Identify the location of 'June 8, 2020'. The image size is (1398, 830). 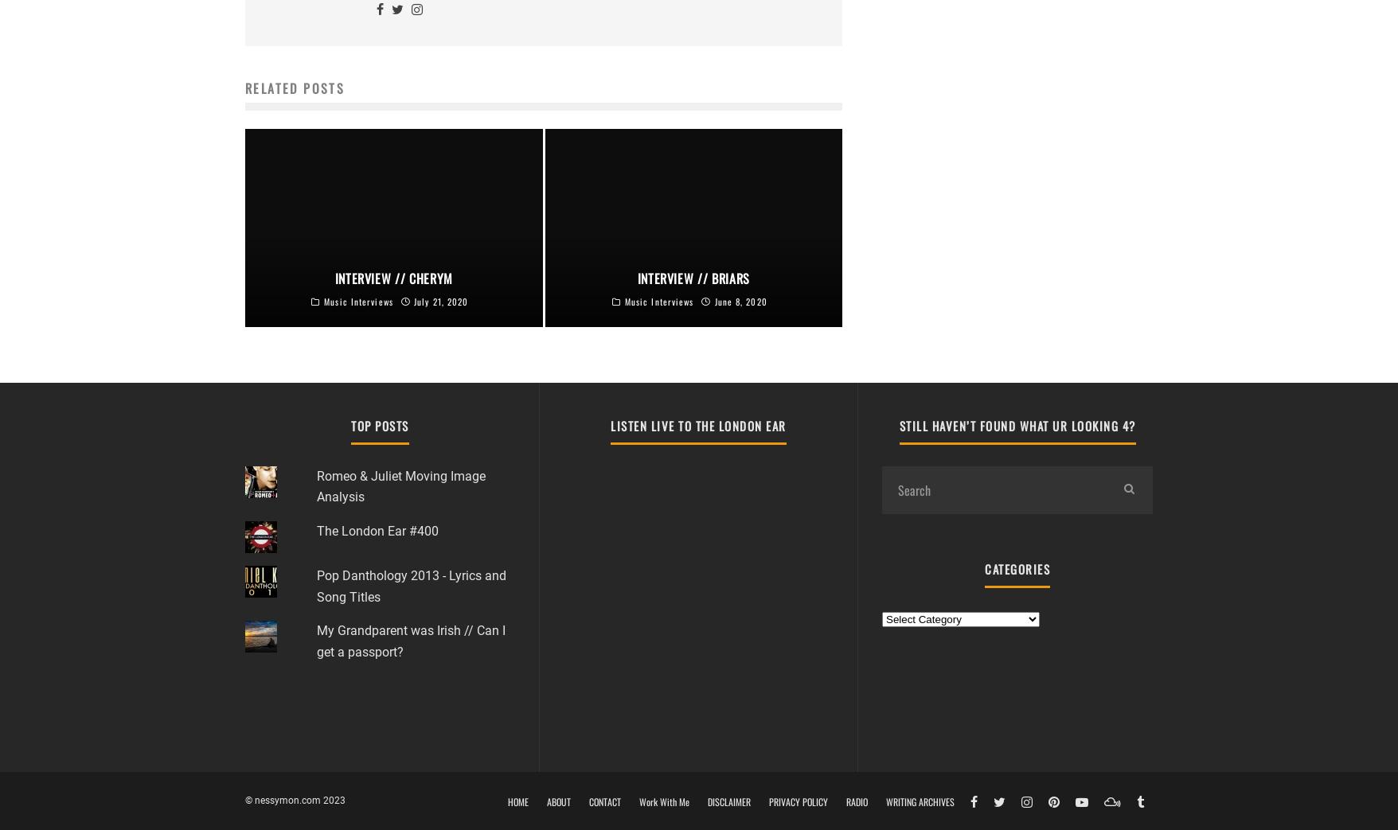
(740, 300).